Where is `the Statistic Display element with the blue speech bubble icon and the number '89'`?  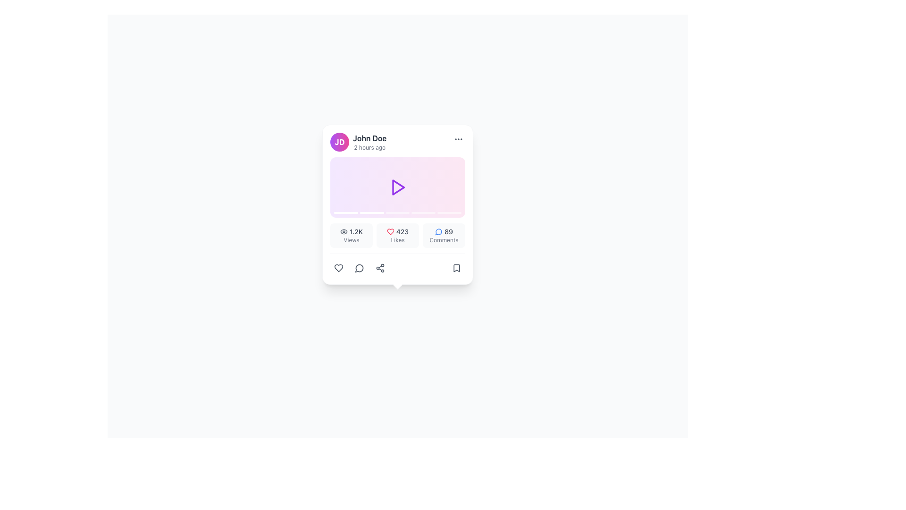
the Statistic Display element with the blue speech bubble icon and the number '89' is located at coordinates (443, 235).